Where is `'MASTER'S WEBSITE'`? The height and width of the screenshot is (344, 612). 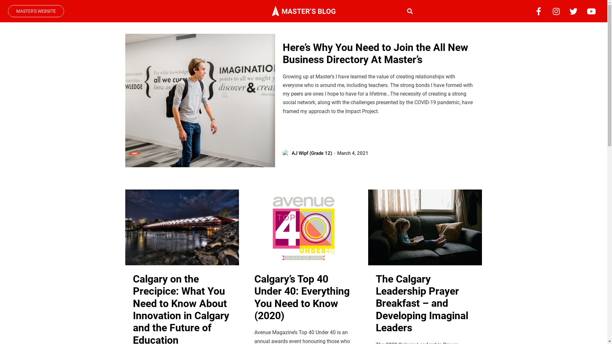 'MASTER'S WEBSITE' is located at coordinates (36, 11).